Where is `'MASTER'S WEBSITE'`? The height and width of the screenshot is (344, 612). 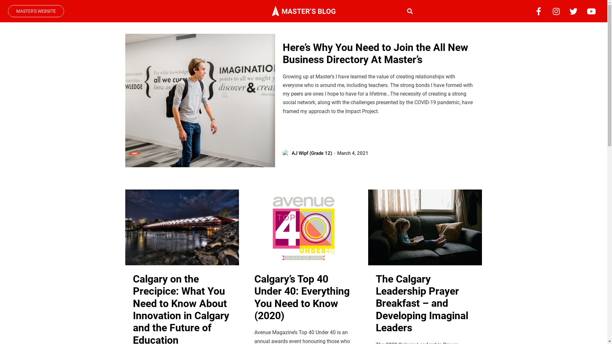 'MASTER'S WEBSITE' is located at coordinates (36, 11).